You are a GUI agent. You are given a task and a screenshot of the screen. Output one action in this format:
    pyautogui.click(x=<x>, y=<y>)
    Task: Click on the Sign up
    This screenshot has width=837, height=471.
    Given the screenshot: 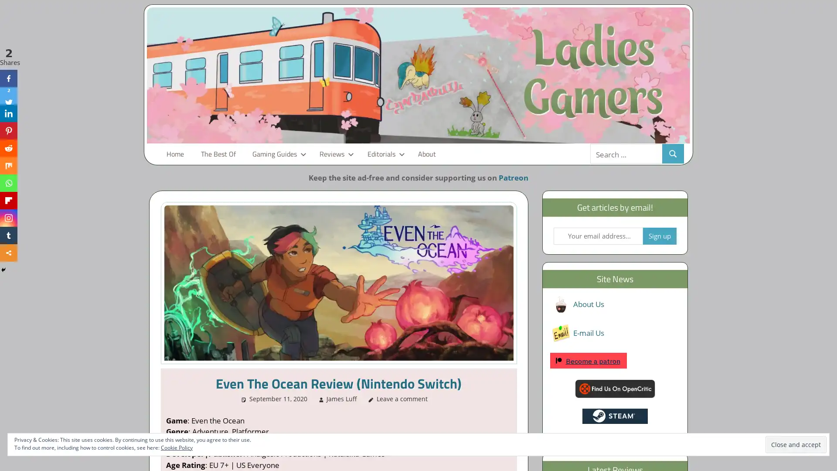 What is the action you would take?
    pyautogui.click(x=660, y=236)
    